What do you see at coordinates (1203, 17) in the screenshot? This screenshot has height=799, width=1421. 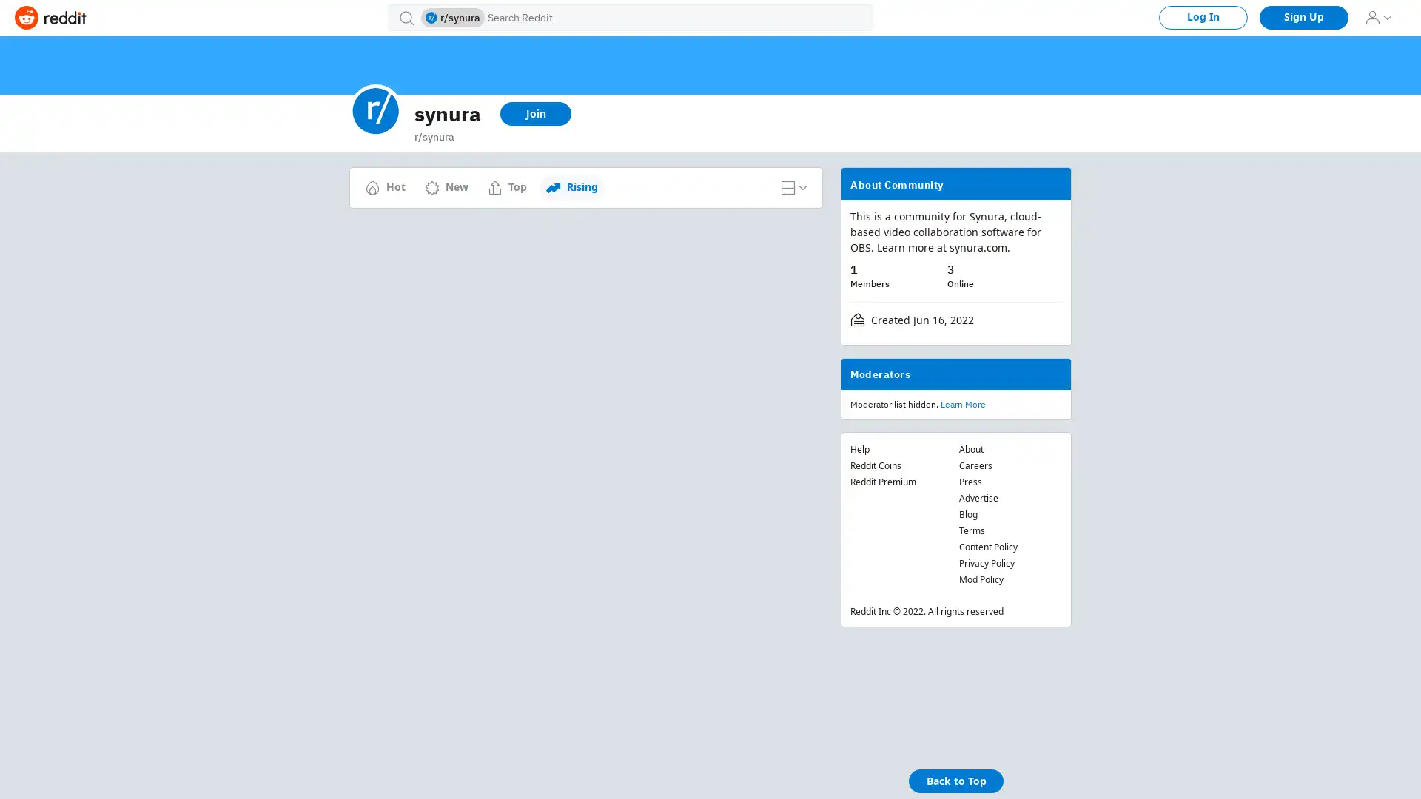 I see `Log In` at bounding box center [1203, 17].